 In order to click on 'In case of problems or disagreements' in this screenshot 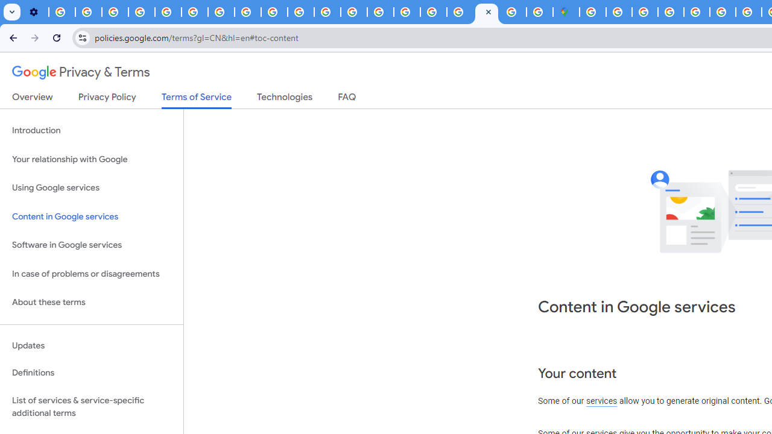, I will do `click(91, 274)`.